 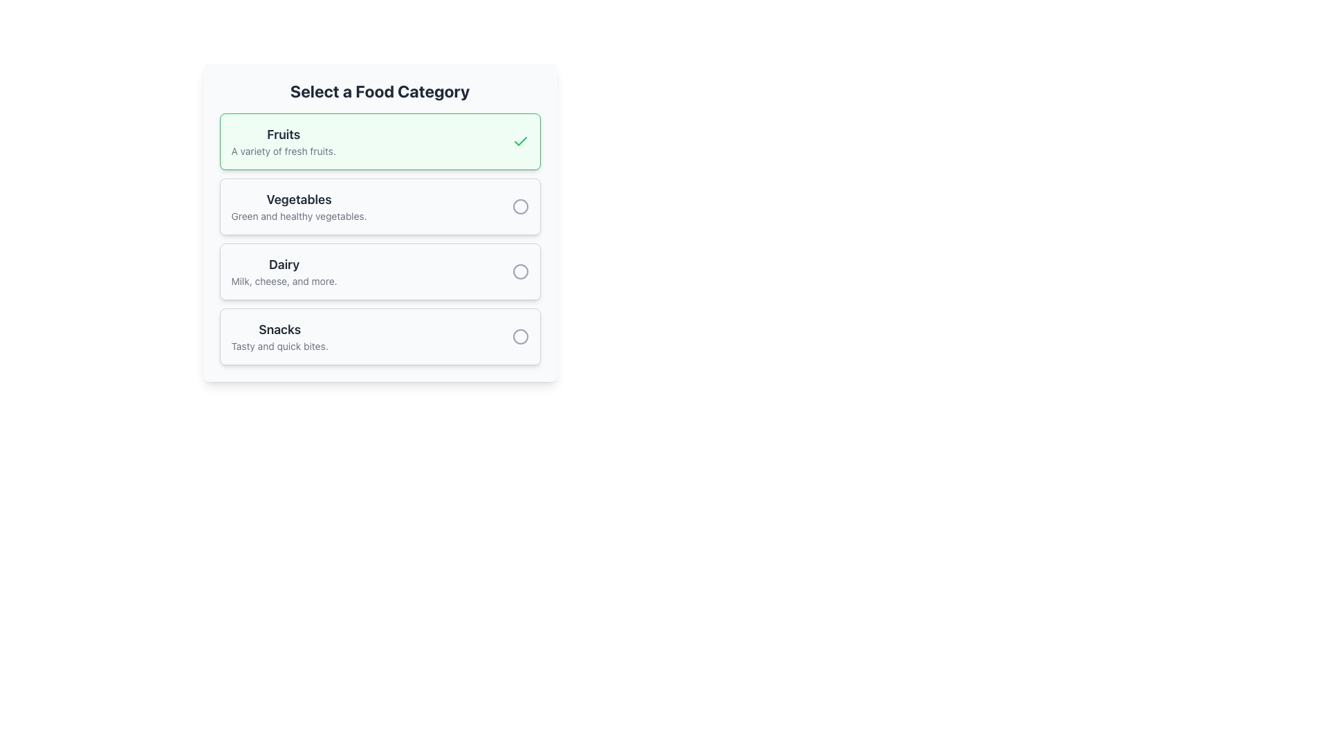 What do you see at coordinates (519, 272) in the screenshot?
I see `the circular radio button located within the 'Dairy' section of the food category selection list` at bounding box center [519, 272].